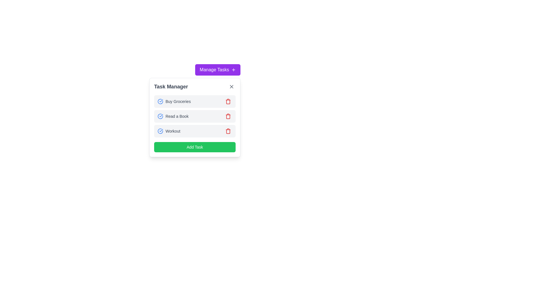 This screenshot has height=308, width=547. What do you see at coordinates (195, 147) in the screenshot?
I see `the 'Add Task' button located at the bottom of the 'Task Manager' module to visualize its hover effects` at bounding box center [195, 147].